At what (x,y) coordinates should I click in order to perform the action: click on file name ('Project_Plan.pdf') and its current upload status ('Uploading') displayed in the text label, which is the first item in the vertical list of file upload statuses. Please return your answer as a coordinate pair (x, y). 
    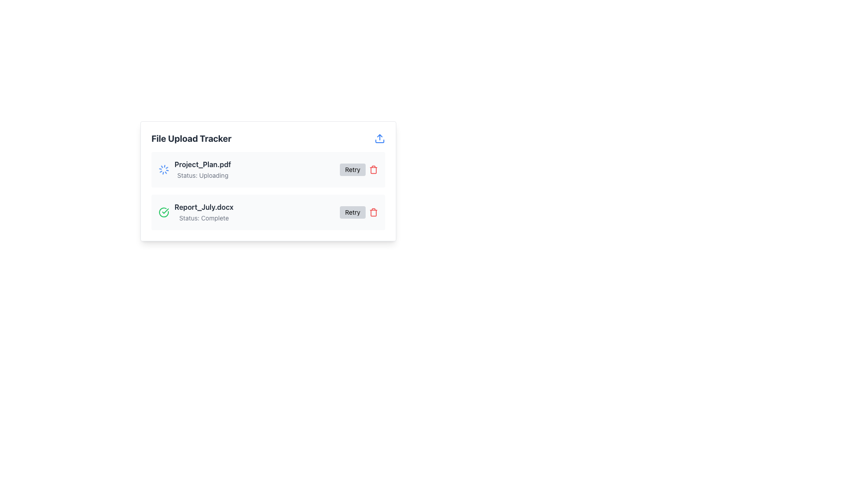
    Looking at the image, I should click on (202, 169).